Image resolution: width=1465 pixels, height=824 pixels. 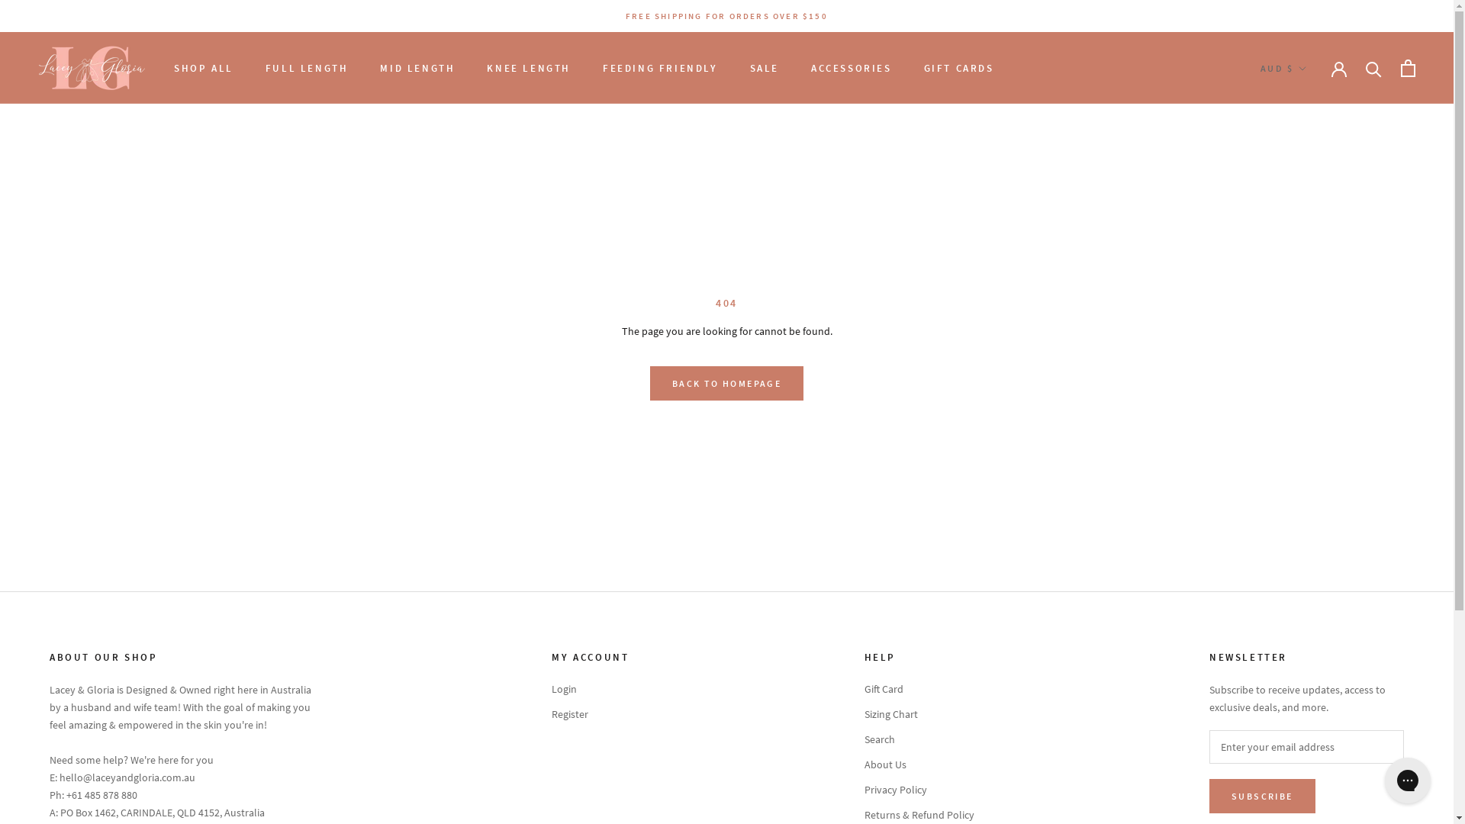 What do you see at coordinates (602, 67) in the screenshot?
I see `'FEEDING FRIENDLY` at bounding box center [602, 67].